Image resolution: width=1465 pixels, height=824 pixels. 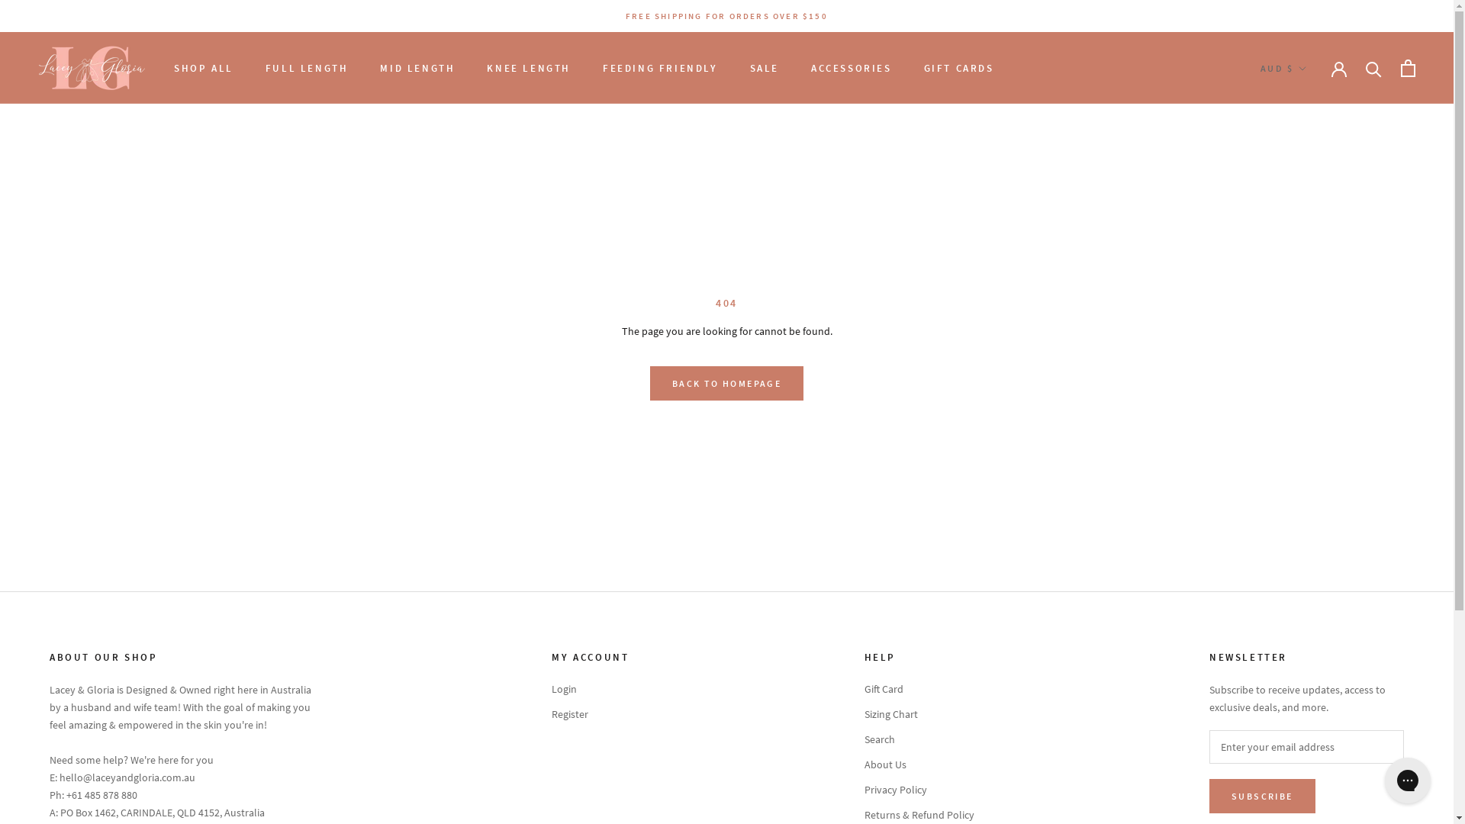 What do you see at coordinates (602, 67) in the screenshot?
I see `'FEEDING FRIENDLY` at bounding box center [602, 67].